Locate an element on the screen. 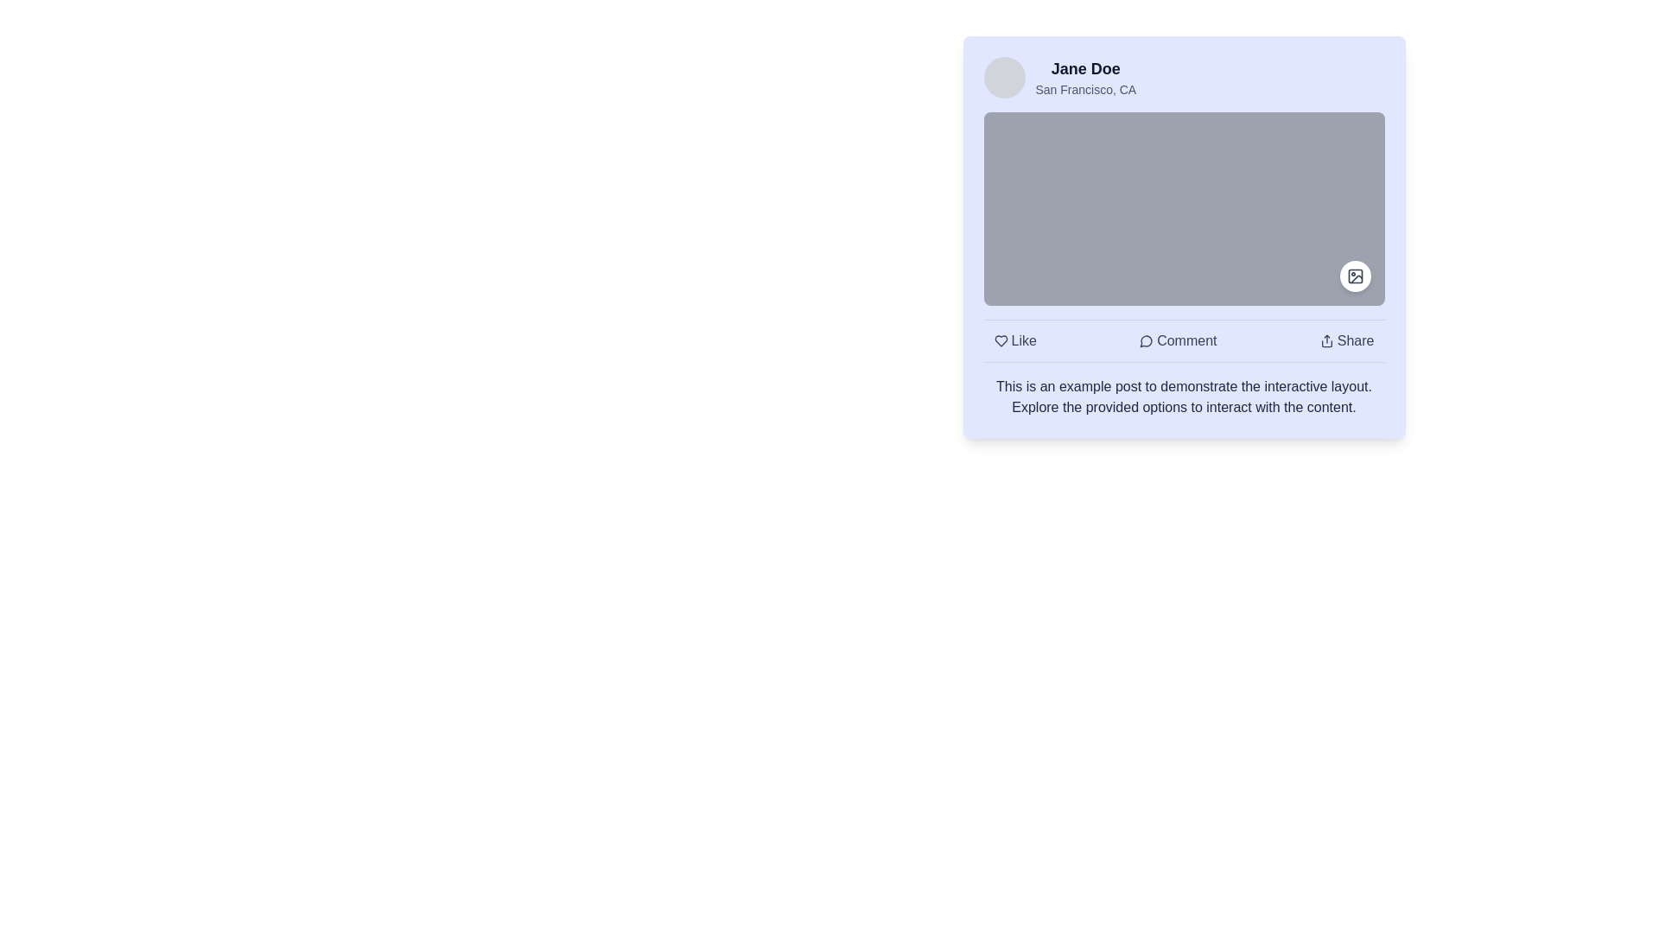 Image resolution: width=1659 pixels, height=933 pixels. the speech bubble icon located in the comment section of the post interface is located at coordinates (1146, 341).